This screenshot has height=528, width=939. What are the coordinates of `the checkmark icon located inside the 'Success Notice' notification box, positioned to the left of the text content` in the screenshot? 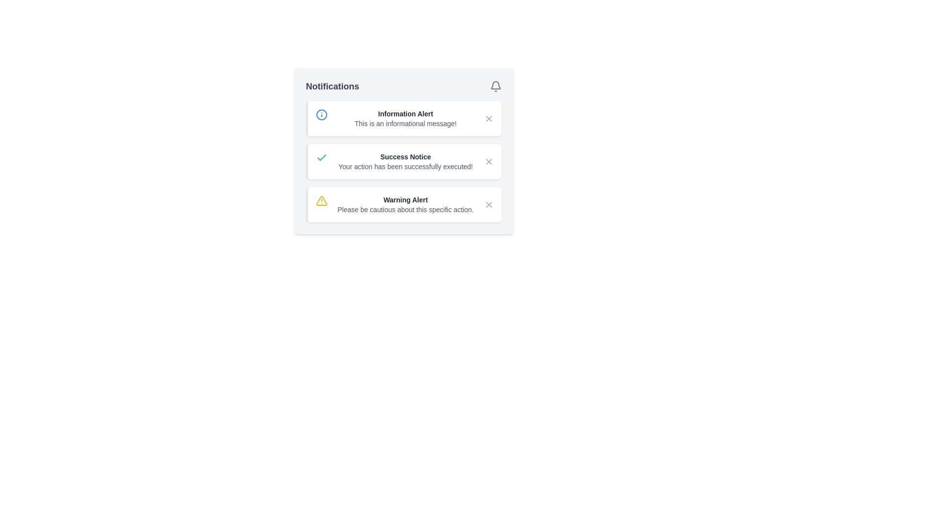 It's located at (321, 161).